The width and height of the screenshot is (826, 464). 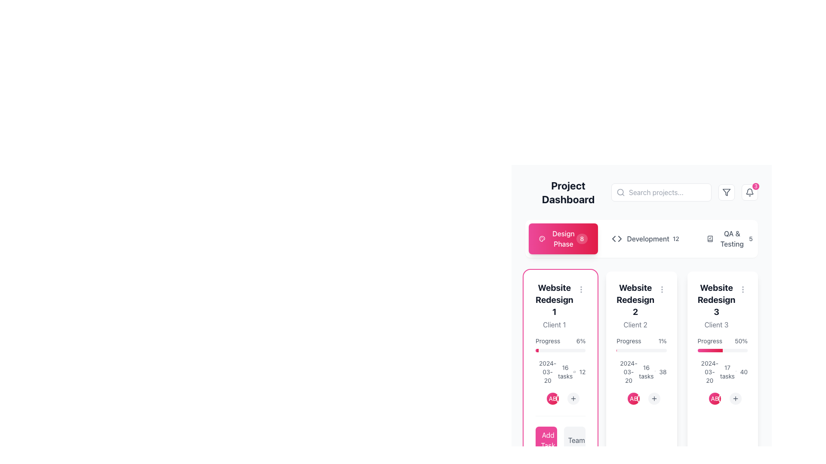 I want to click on contents of the badge displaying '12' located to the right of the 'Development' text in the horizontal menu bar, so click(x=675, y=238).